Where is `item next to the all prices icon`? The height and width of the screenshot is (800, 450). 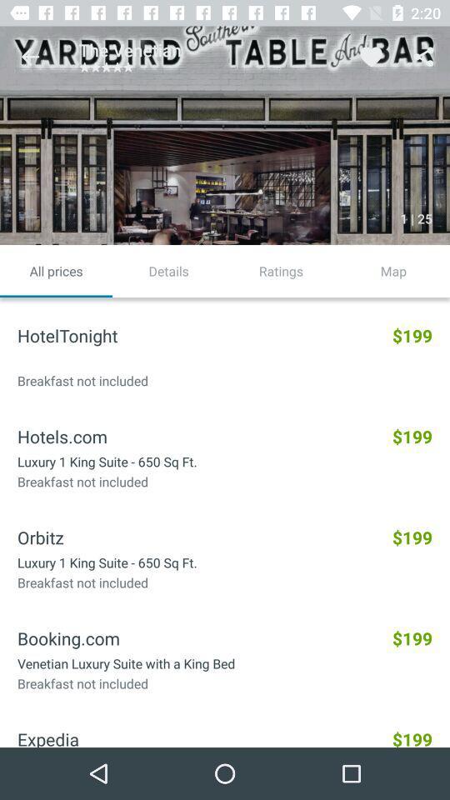
item next to the all prices icon is located at coordinates (168, 271).